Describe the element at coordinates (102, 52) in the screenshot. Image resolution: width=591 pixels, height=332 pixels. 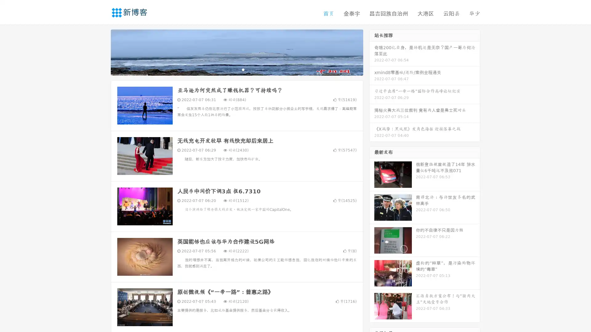
I see `Previous slide` at that location.